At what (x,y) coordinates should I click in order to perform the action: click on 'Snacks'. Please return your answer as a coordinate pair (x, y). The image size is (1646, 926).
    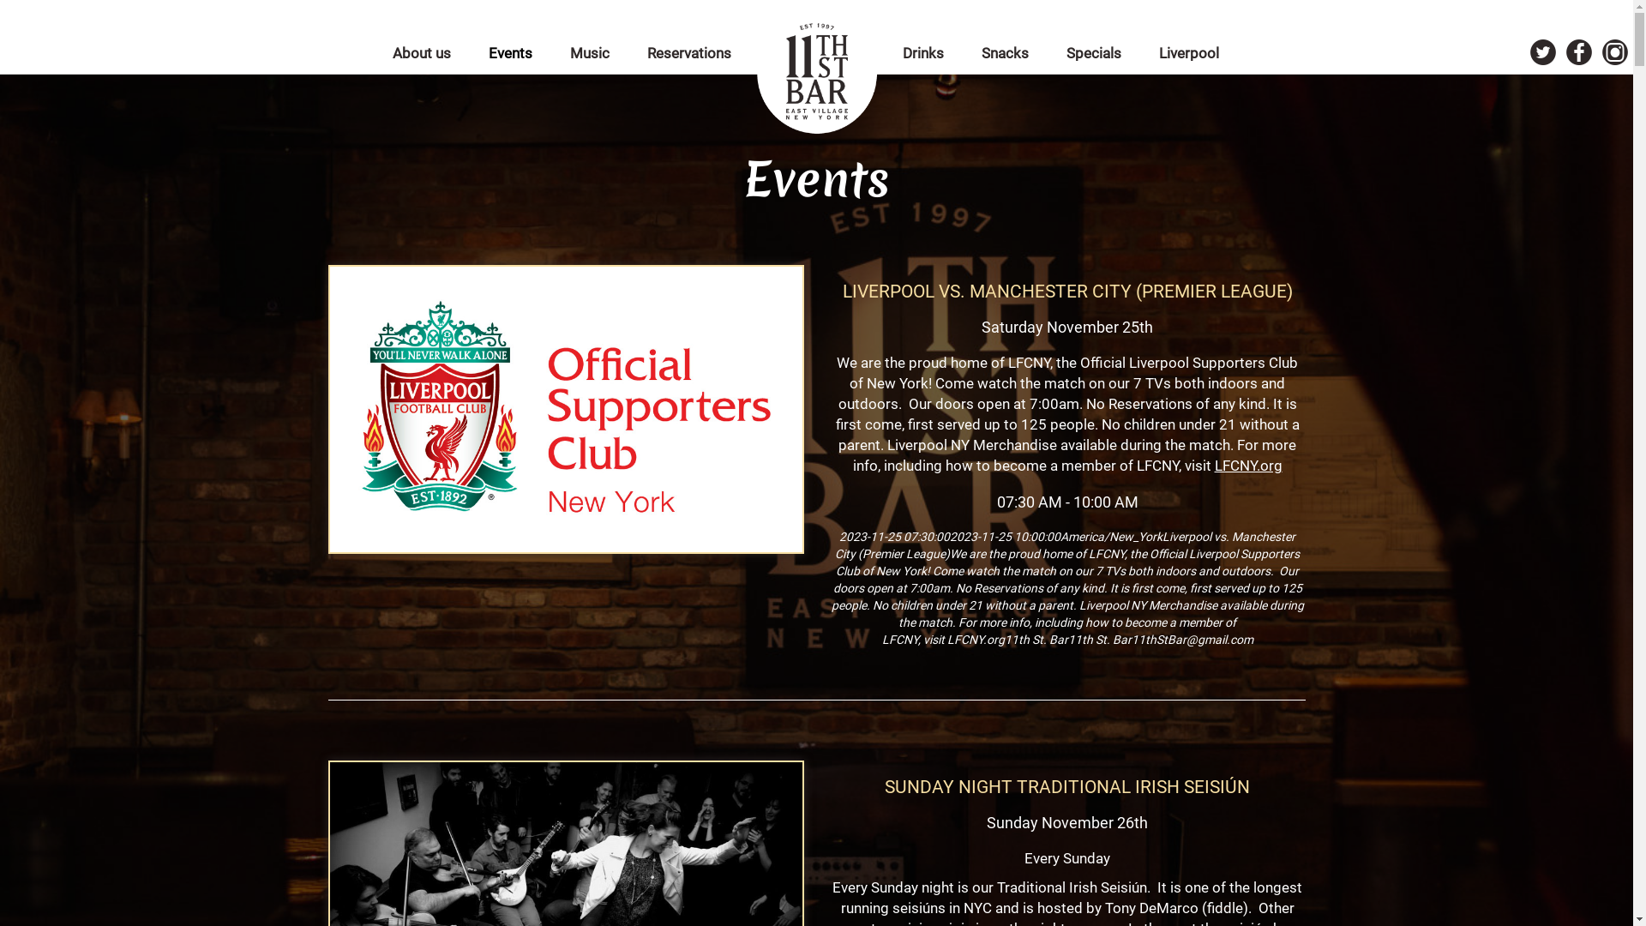
    Looking at the image, I should click on (1006, 51).